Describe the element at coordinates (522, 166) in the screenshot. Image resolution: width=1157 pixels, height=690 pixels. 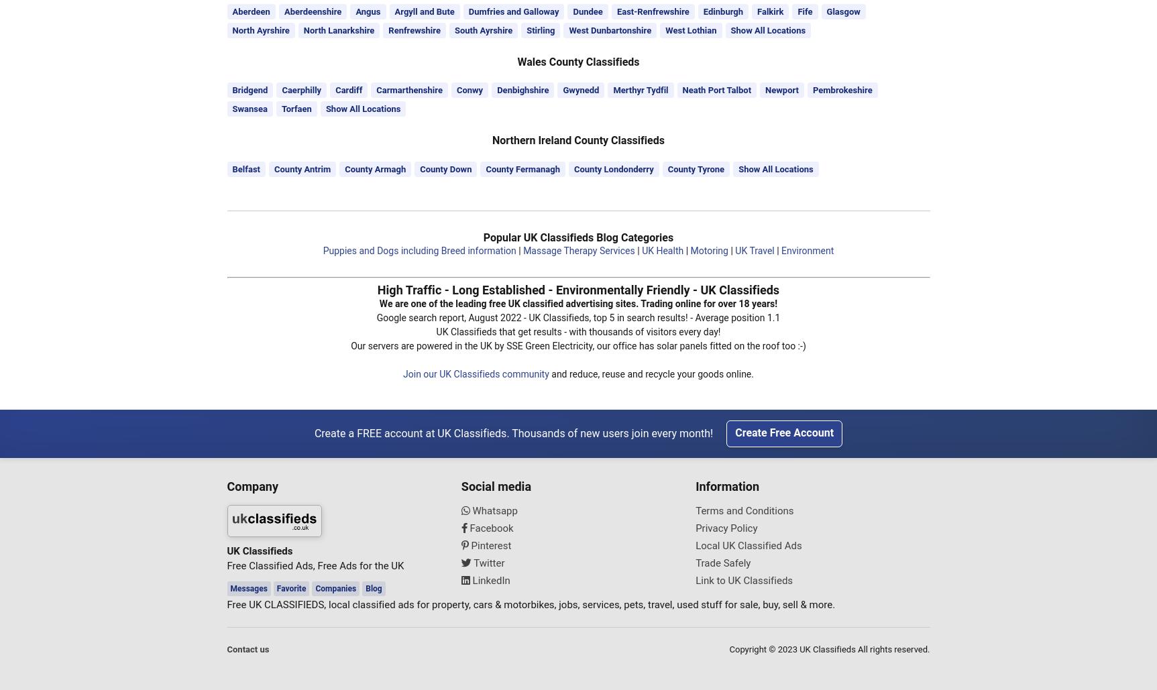
I see `'County Fermanagh'` at that location.